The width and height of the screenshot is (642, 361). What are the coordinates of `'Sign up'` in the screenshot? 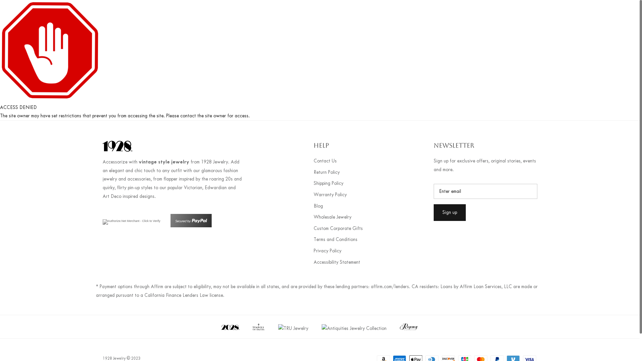 It's located at (449, 213).